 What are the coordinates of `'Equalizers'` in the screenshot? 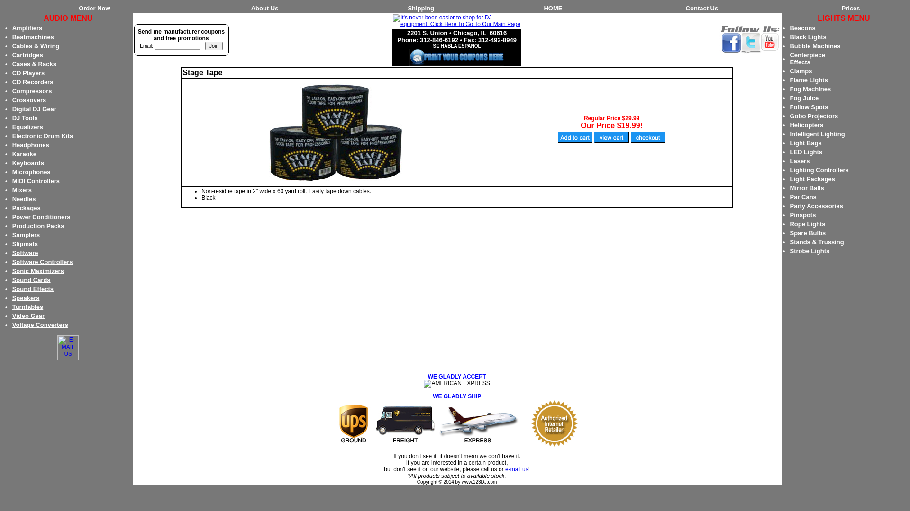 It's located at (12, 126).